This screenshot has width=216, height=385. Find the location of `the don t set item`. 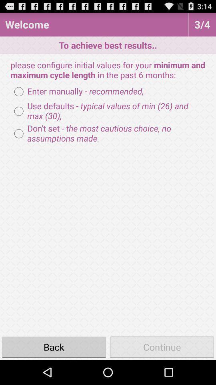

the don t set item is located at coordinates (108, 134).